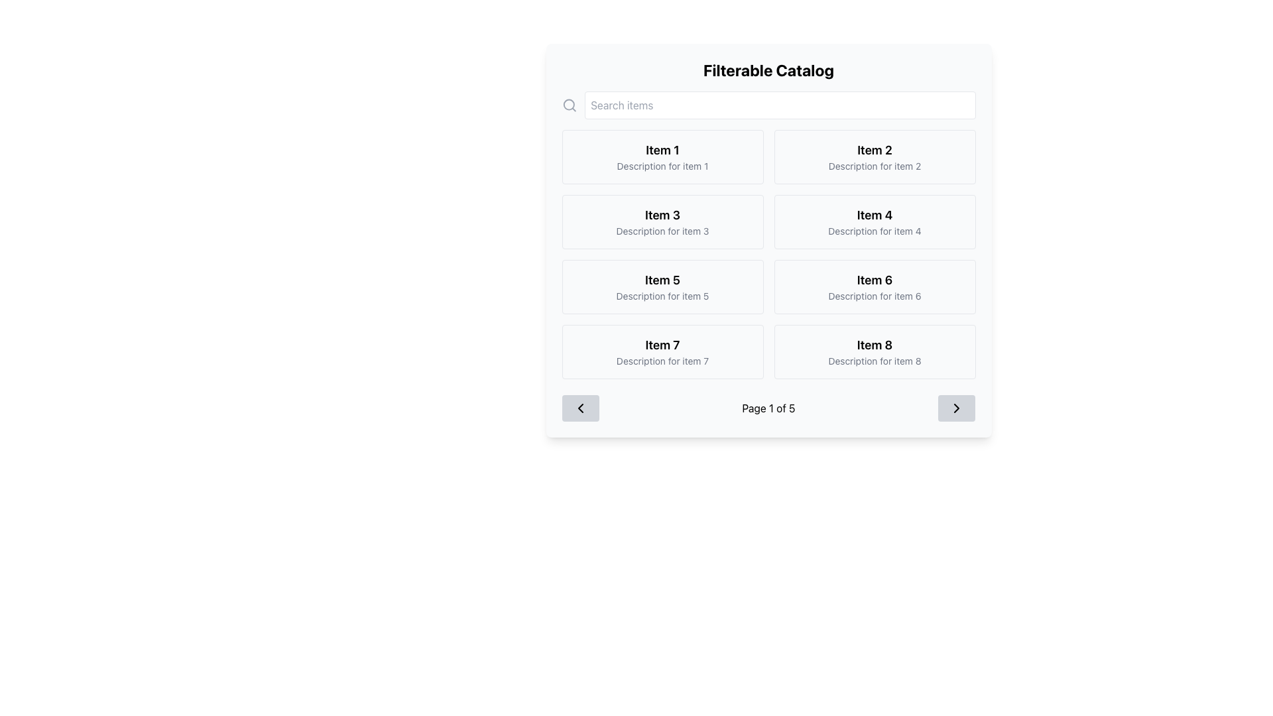 This screenshot has width=1273, height=716. Describe the element at coordinates (662, 286) in the screenshot. I see `description of 'Item 5' presented in the card element located in the third row, first column of the grid` at that location.